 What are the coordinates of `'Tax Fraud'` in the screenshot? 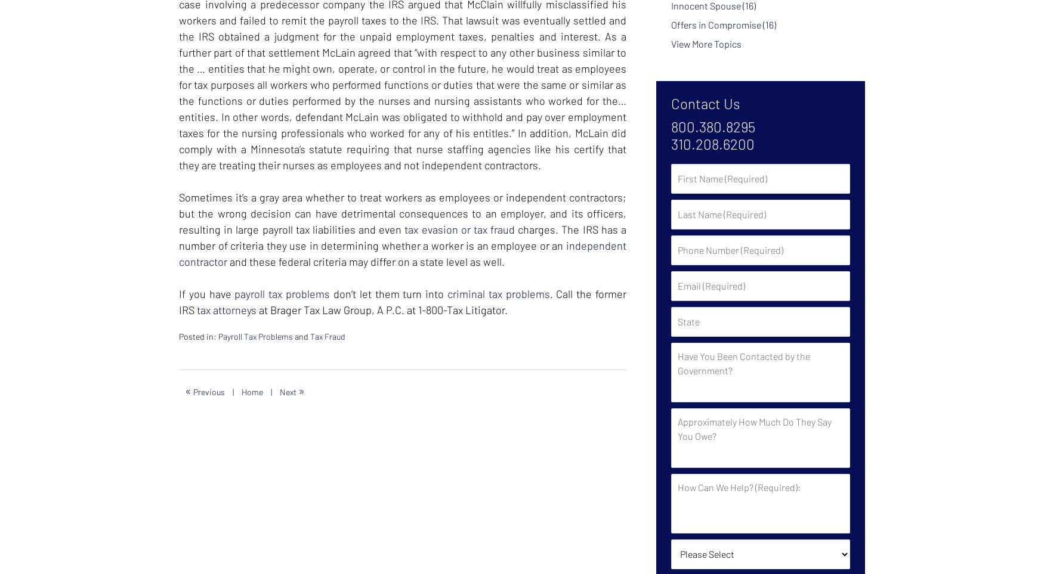 It's located at (327, 336).